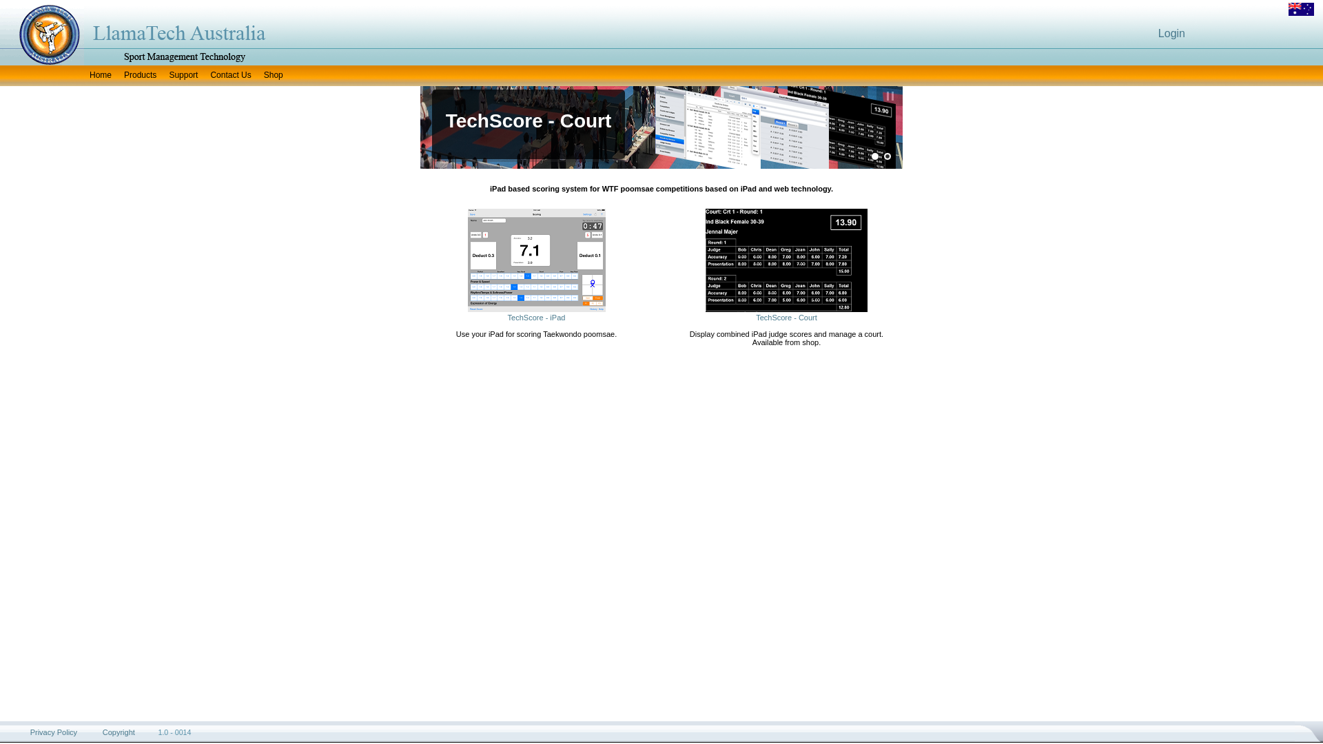 This screenshot has width=1323, height=744. Describe the element at coordinates (182, 75) in the screenshot. I see `'Support'` at that location.